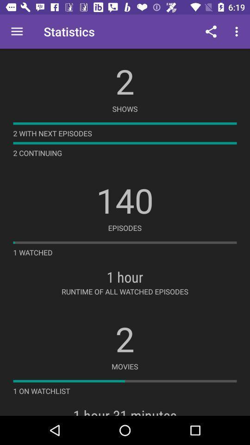 This screenshot has height=445, width=250. What do you see at coordinates (41, 390) in the screenshot?
I see `1 on watchlist` at bounding box center [41, 390].